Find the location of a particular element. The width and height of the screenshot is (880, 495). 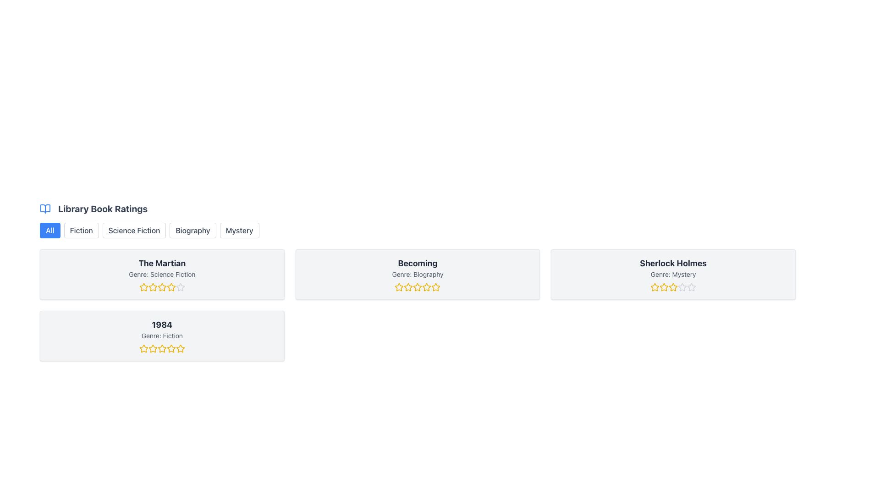

the second star icon with a yellow outline in the five-star rating system for the 'Sherlock Holmes' book card, which has an empty interior indicating it is unfilled is located at coordinates (673, 286).